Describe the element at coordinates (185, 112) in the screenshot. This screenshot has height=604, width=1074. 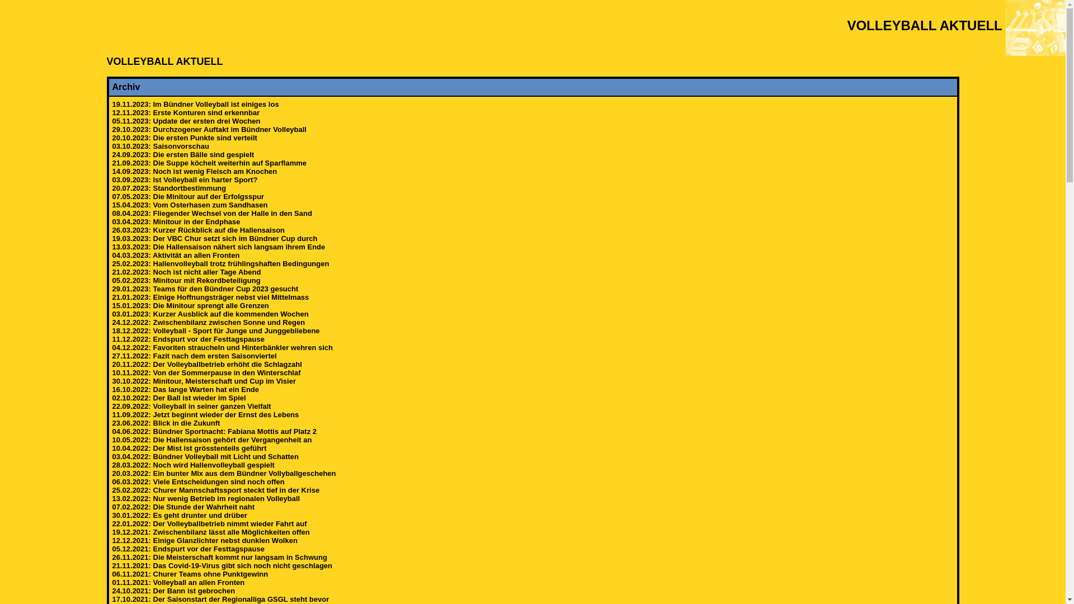
I see `'12.11.2023: Erste Konturen sind erkennbar'` at that location.